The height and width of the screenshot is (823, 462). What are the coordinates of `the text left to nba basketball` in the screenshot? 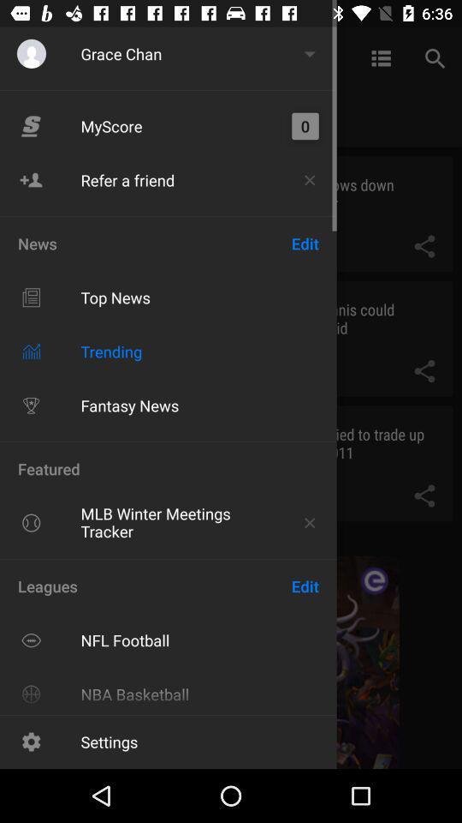 It's located at (31, 694).